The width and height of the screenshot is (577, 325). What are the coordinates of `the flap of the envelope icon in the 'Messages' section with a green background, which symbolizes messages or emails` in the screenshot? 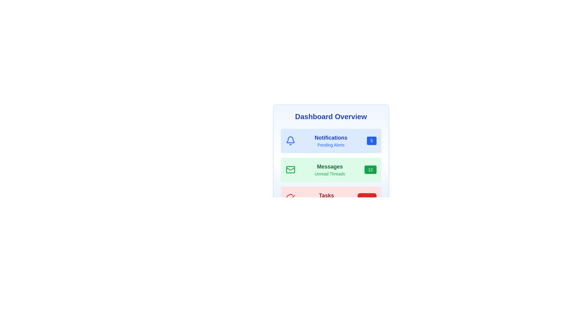 It's located at (290, 169).